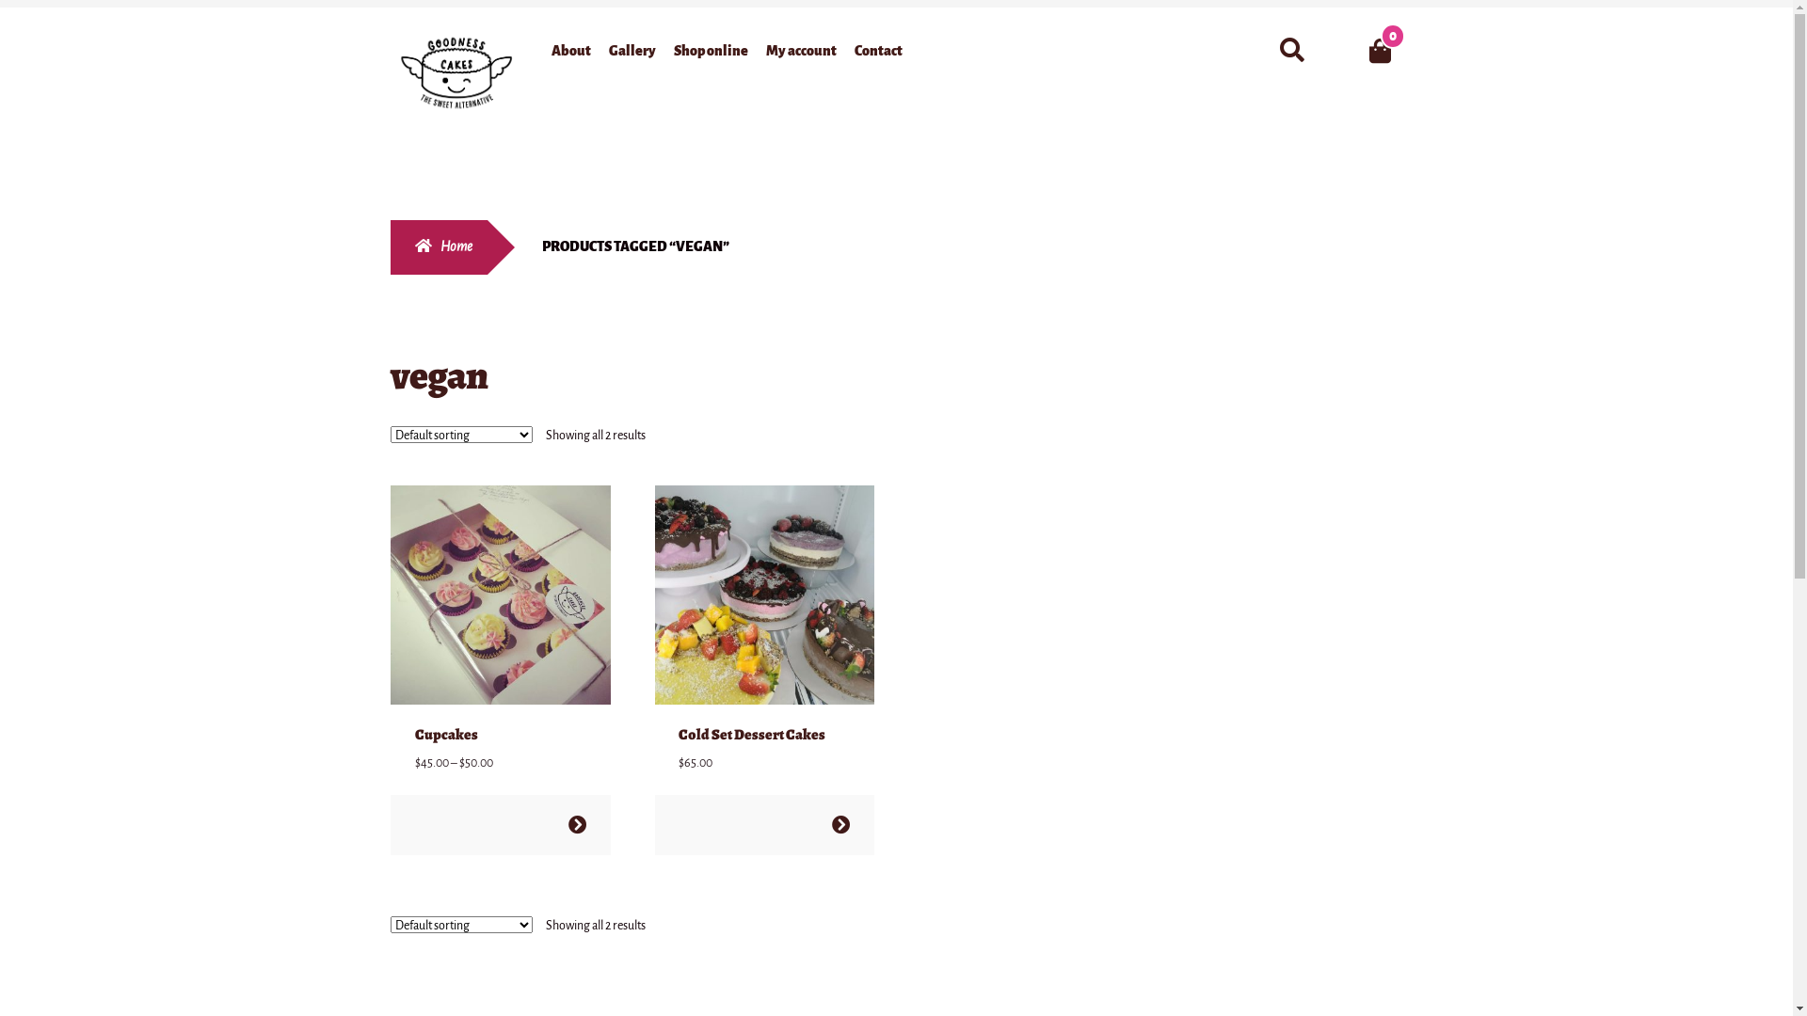 The height and width of the screenshot is (1016, 1807). I want to click on 'Cold Set Dessert Cakes, so click(764, 629).